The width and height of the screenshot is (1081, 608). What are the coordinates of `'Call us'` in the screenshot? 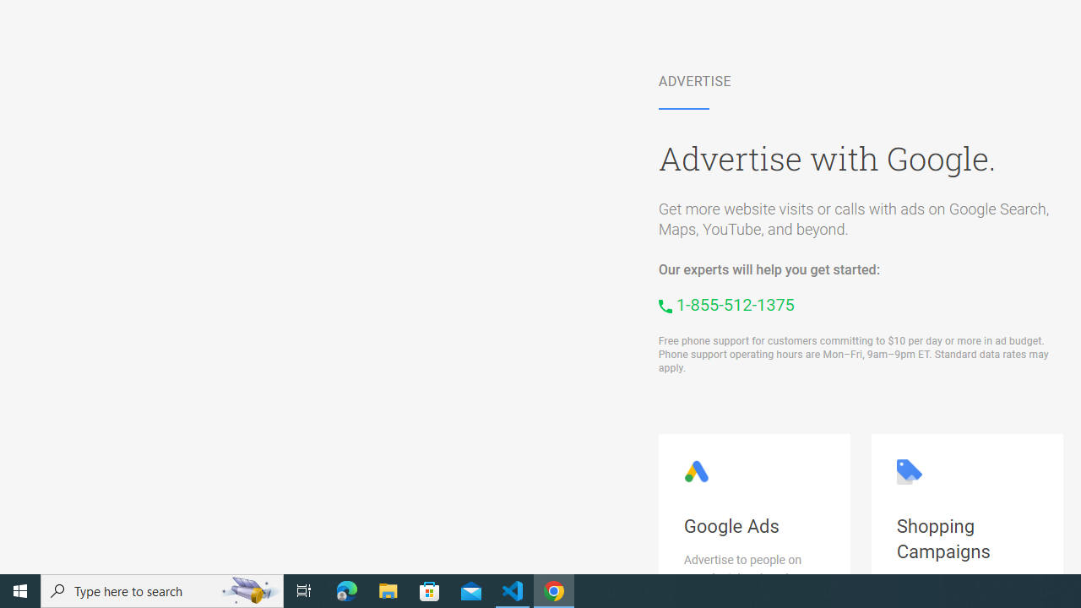 It's located at (726, 305).